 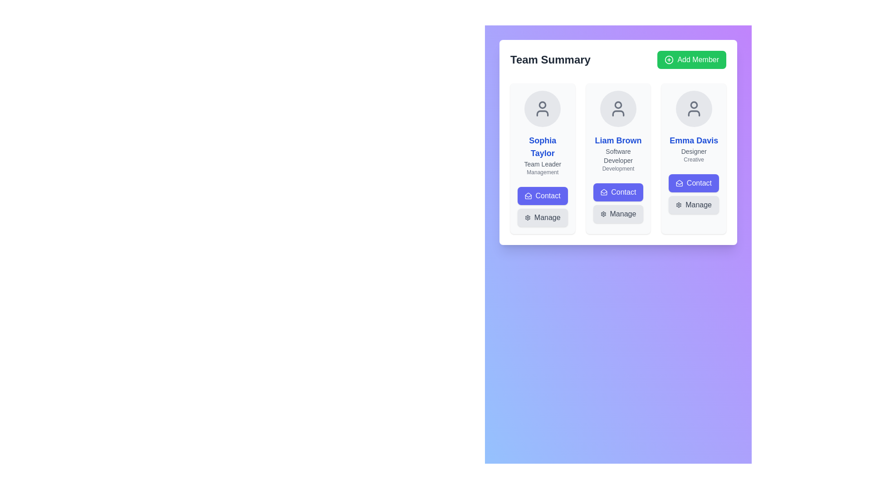 What do you see at coordinates (693, 108) in the screenshot?
I see `the profile icon representing 'Emma Davis' located at the top-center of the third card in the team member profiles grid` at bounding box center [693, 108].